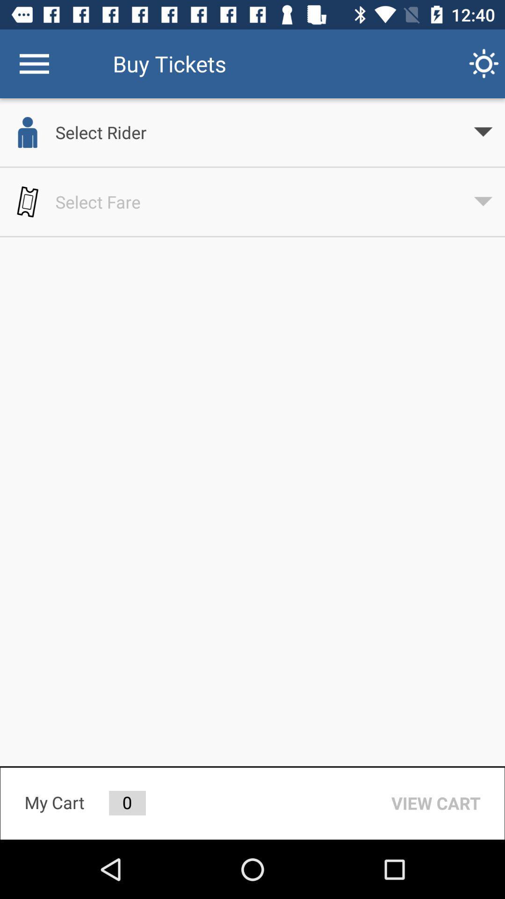  Describe the element at coordinates (484, 63) in the screenshot. I see `item next to the buy tickets` at that location.